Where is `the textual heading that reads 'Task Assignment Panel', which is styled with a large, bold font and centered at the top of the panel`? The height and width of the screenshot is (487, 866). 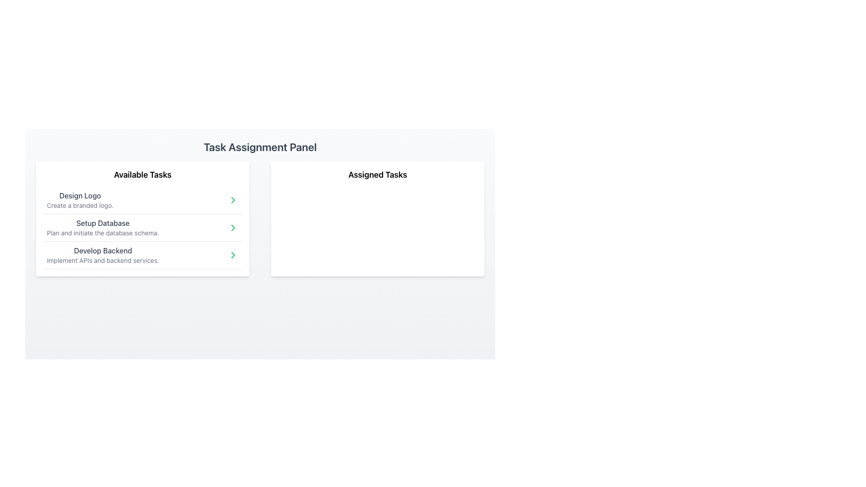 the textual heading that reads 'Task Assignment Panel', which is styled with a large, bold font and centered at the top of the panel is located at coordinates (259, 147).